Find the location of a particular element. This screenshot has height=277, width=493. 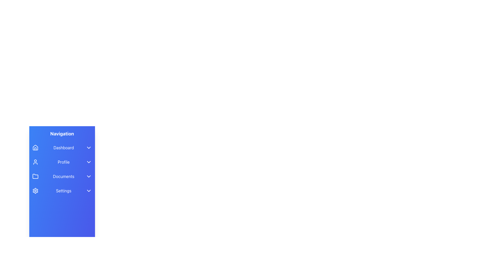

the 'Settings' navigation menu item is located at coordinates (62, 191).